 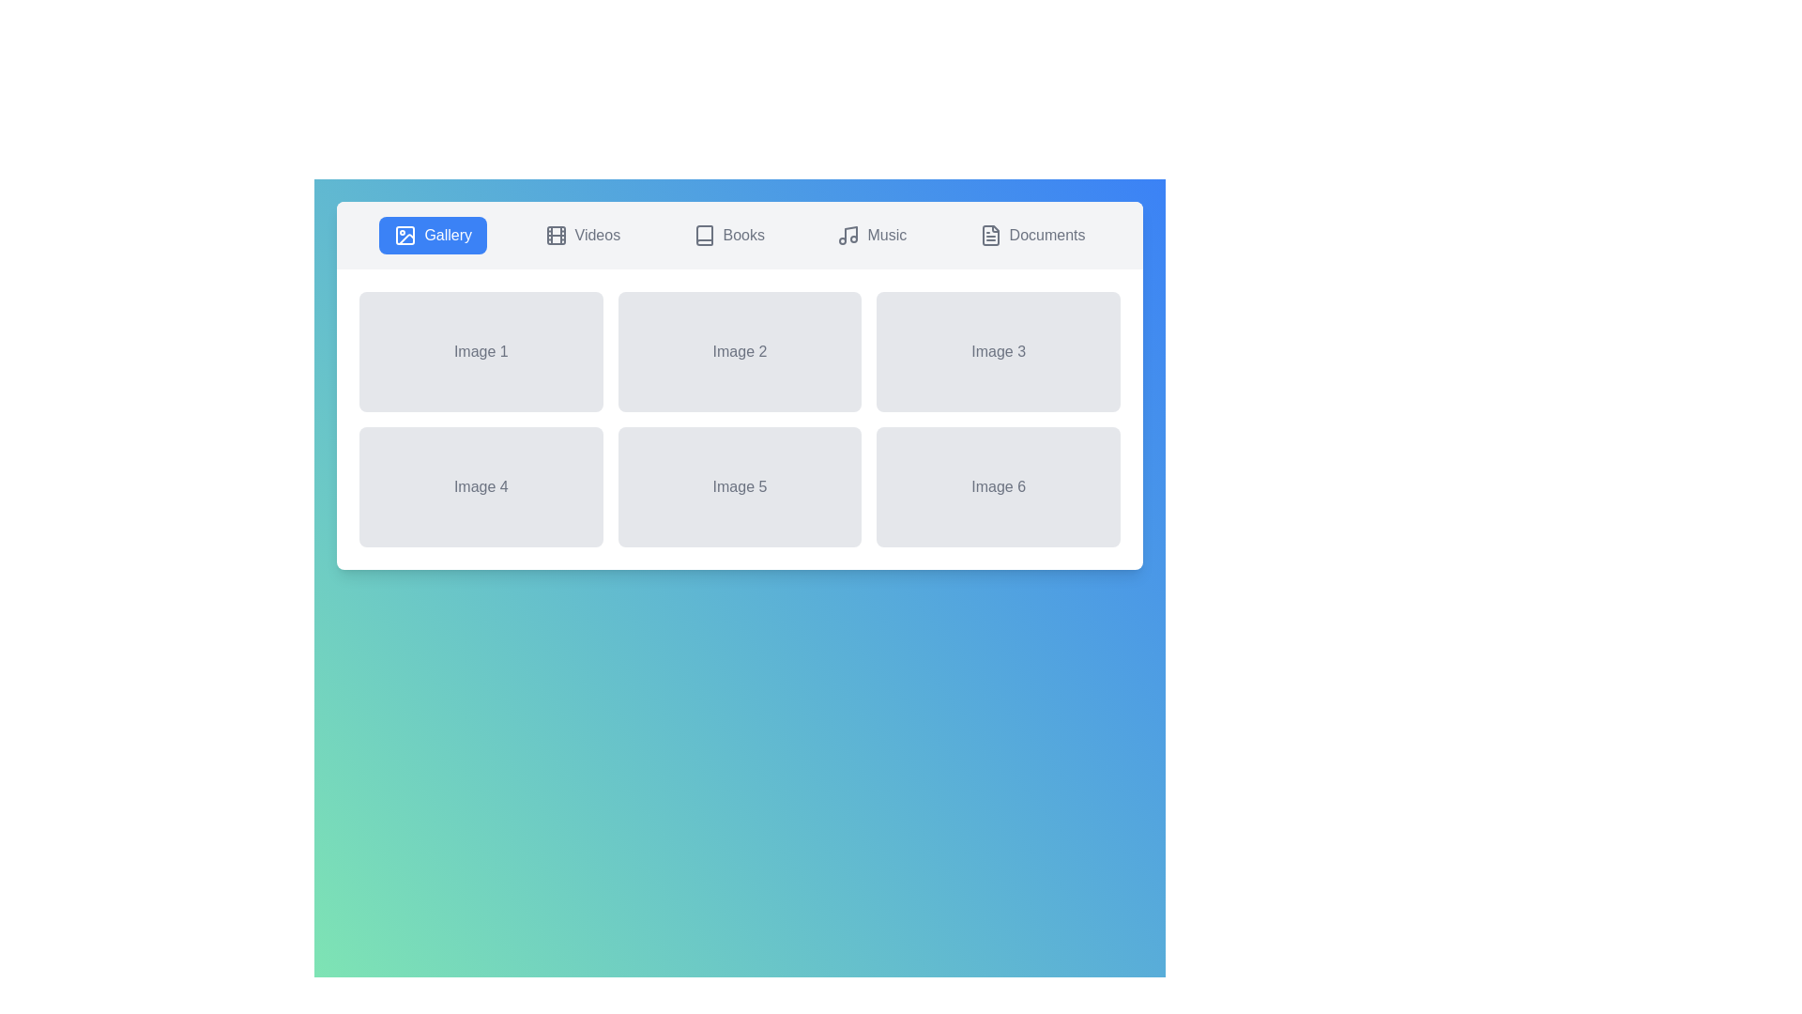 I want to click on the 'Books' button in the navigation bar to change its appearance, so click(x=727, y=234).